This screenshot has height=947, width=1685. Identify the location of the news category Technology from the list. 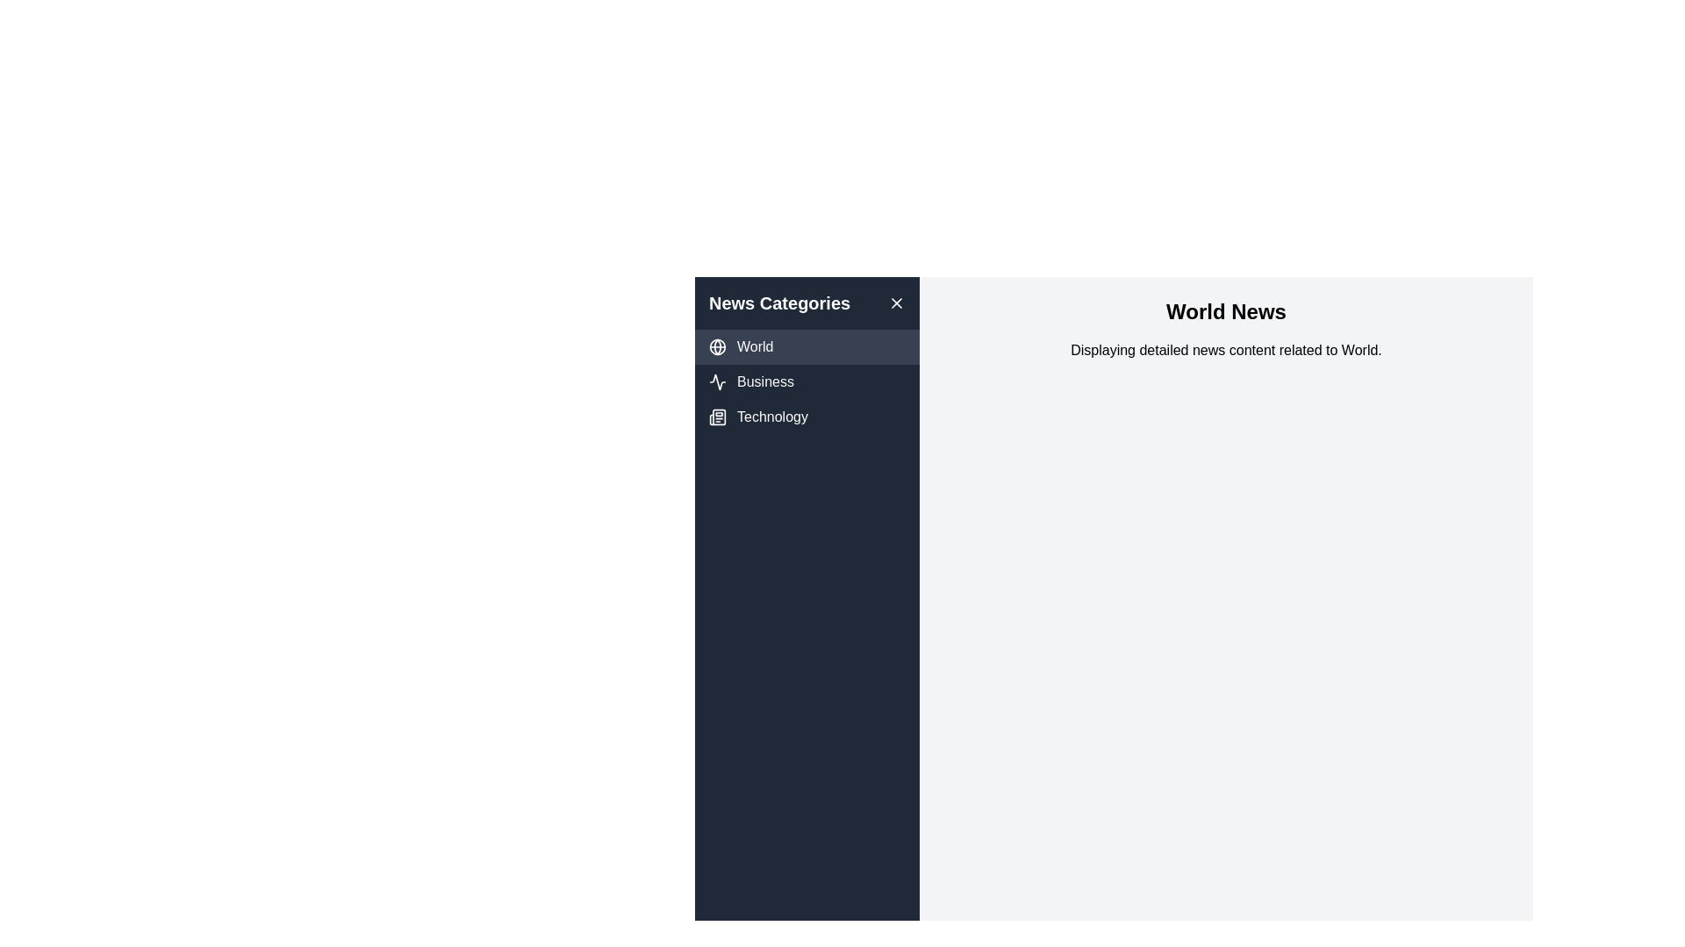
(807, 417).